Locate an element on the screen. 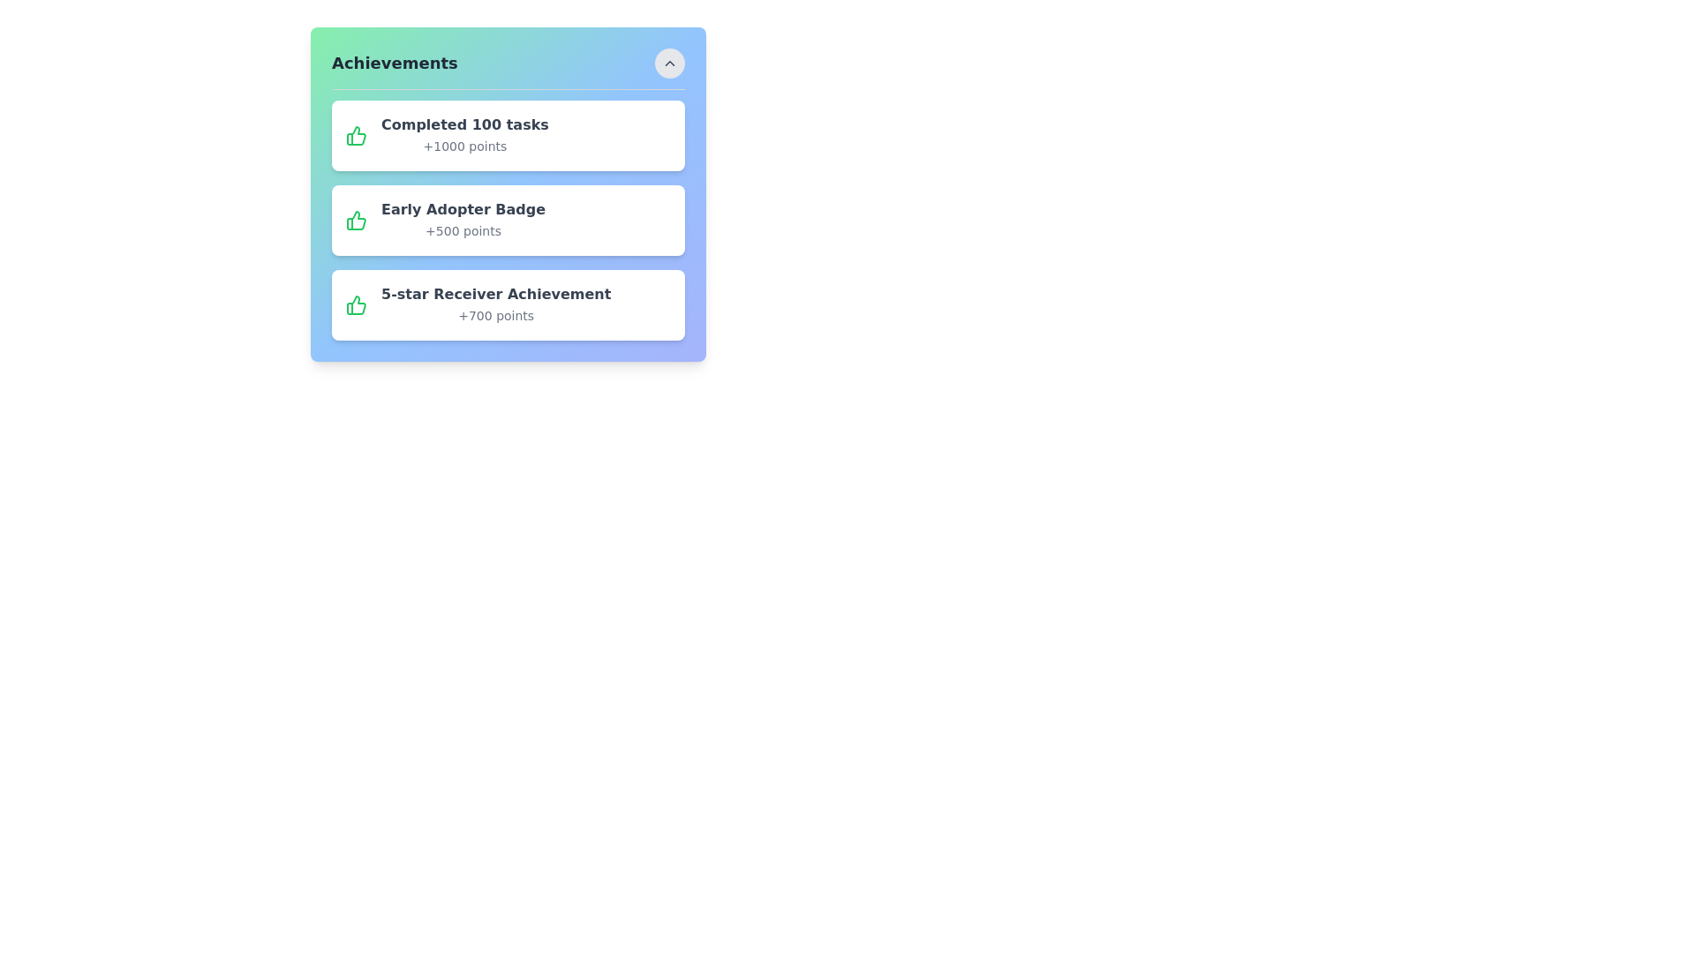 Image resolution: width=1695 pixels, height=953 pixels. the text display showing 'Completed 100 tasks' and '+1000 points' for reading is located at coordinates (464, 135).